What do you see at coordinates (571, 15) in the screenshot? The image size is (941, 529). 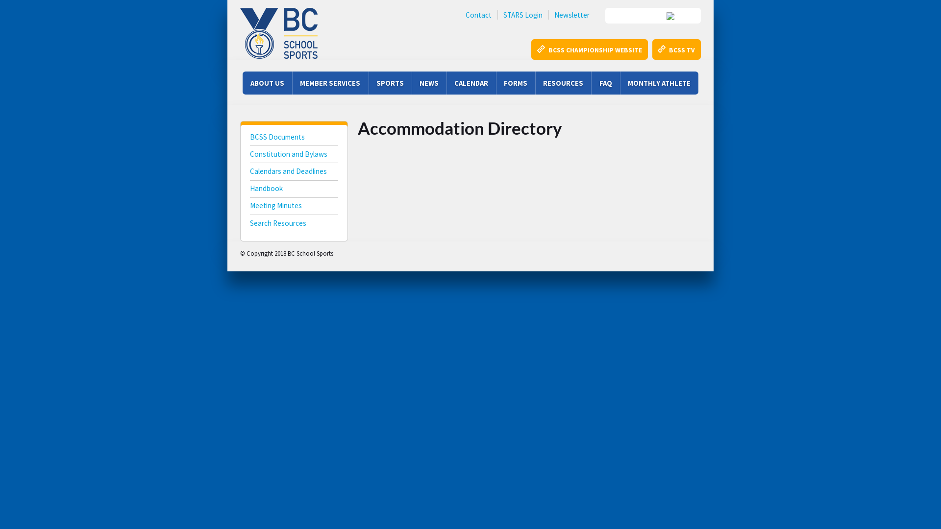 I see `'Newsletter'` at bounding box center [571, 15].